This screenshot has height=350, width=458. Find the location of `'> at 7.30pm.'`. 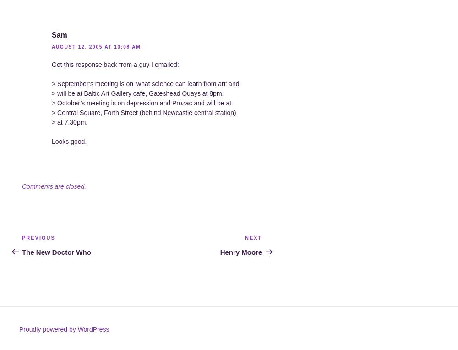

'> at 7.30pm.' is located at coordinates (70, 122).